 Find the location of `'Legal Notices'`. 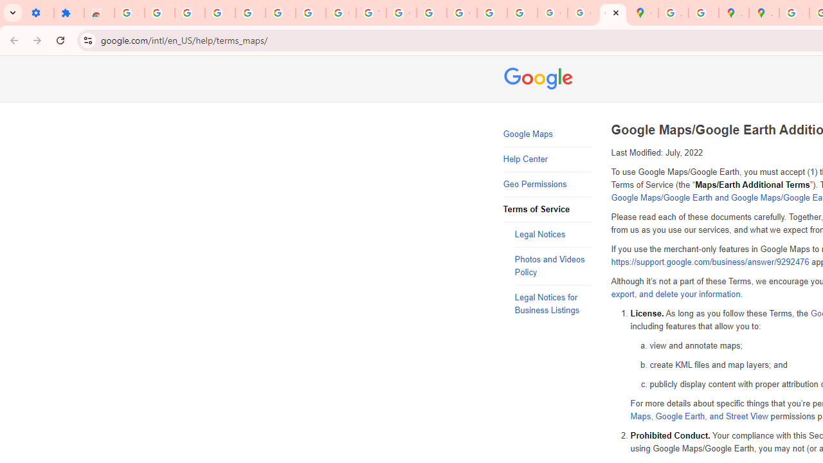

'Legal Notices' is located at coordinates (553, 235).